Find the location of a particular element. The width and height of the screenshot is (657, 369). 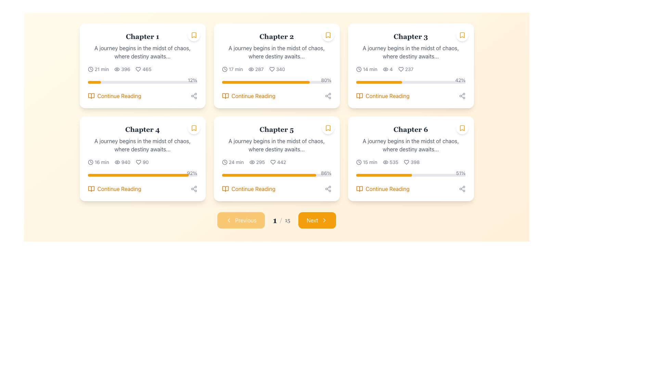

the amber-orange filled segment of the progress bar located at the bottom of the 'Chapter 5' card is located at coordinates (269, 175).